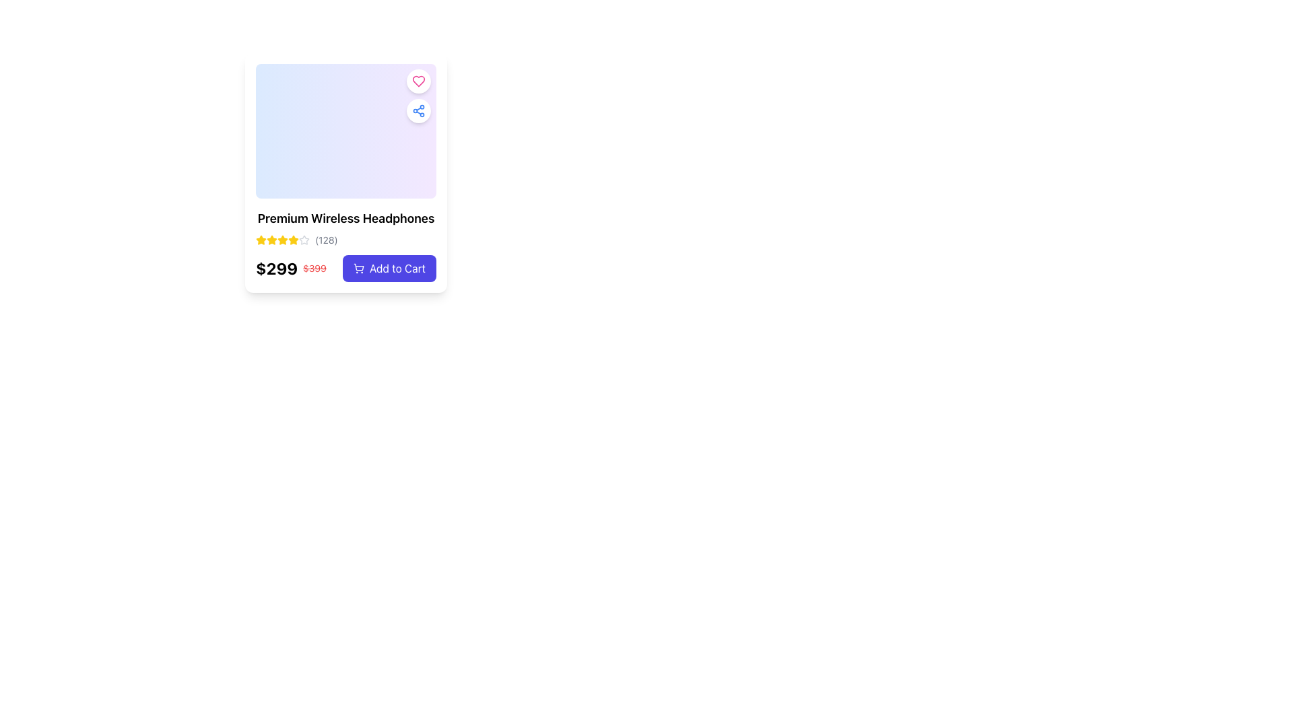  I want to click on the share icon button located in the upper right corner of the product card to share the product details, so click(418, 110).